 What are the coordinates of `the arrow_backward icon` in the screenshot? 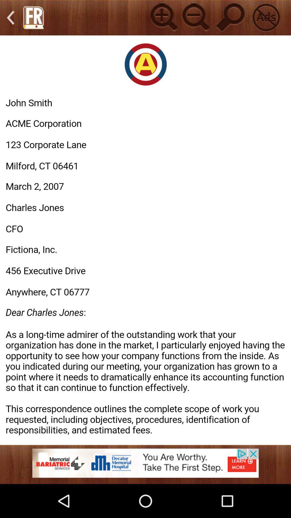 It's located at (11, 19).